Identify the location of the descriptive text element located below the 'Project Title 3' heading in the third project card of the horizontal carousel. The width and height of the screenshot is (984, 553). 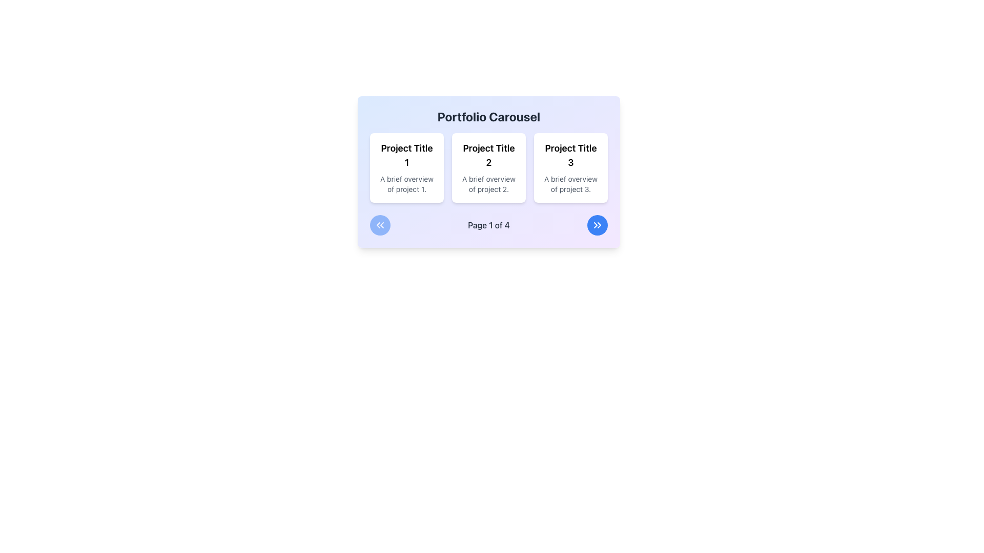
(570, 183).